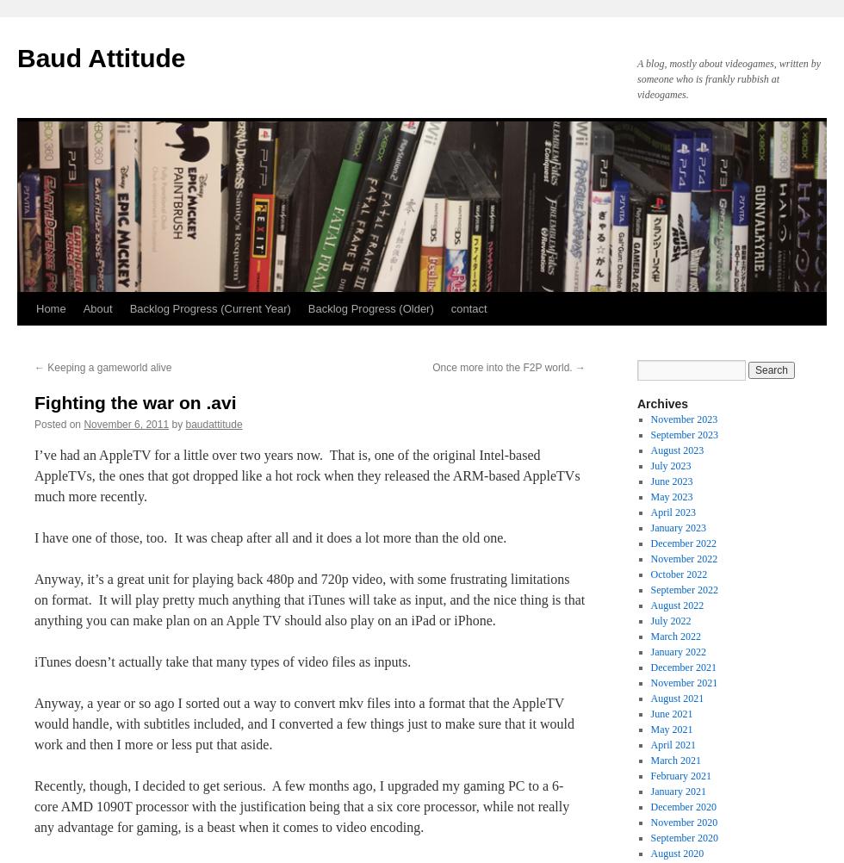 This screenshot has width=844, height=863. I want to click on 'March 2022', so click(649, 636).